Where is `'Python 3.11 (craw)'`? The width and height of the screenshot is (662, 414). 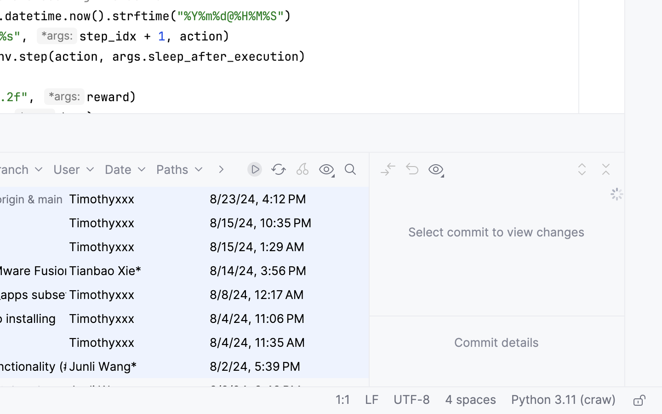
'Python 3.11 (craw)' is located at coordinates (563, 401).